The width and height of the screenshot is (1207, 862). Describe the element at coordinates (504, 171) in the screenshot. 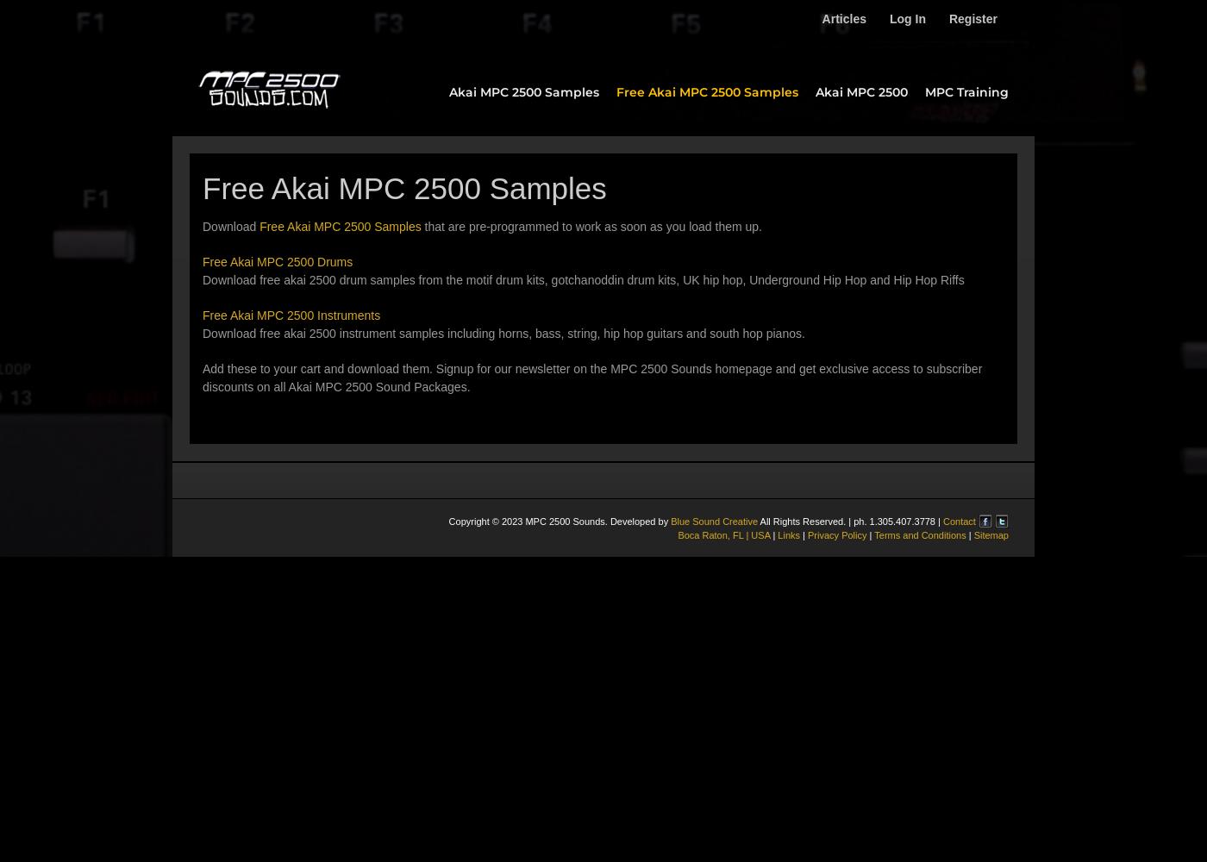

I see `'Platinum Pack'` at that location.